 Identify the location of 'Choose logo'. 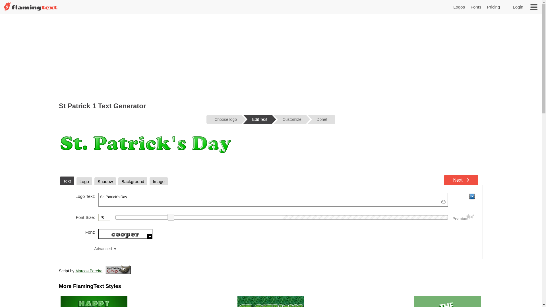
(224, 119).